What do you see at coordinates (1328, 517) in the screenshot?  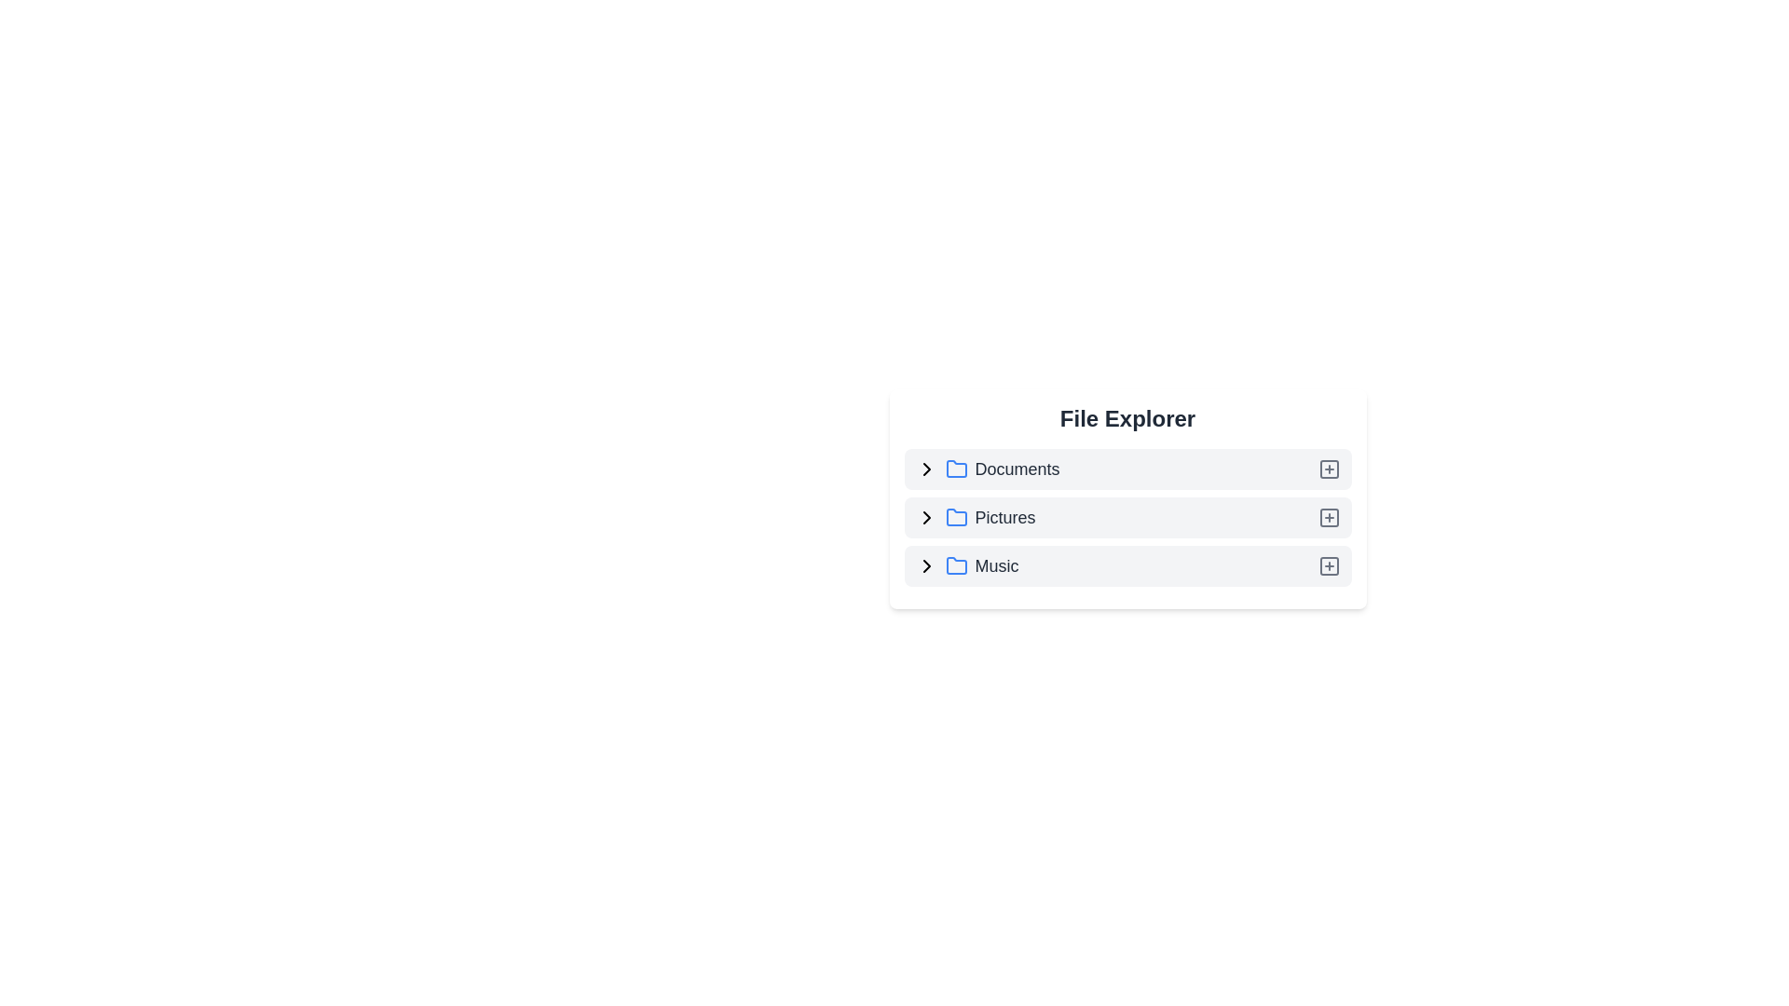 I see `the add icon next to Pictures` at bounding box center [1328, 517].